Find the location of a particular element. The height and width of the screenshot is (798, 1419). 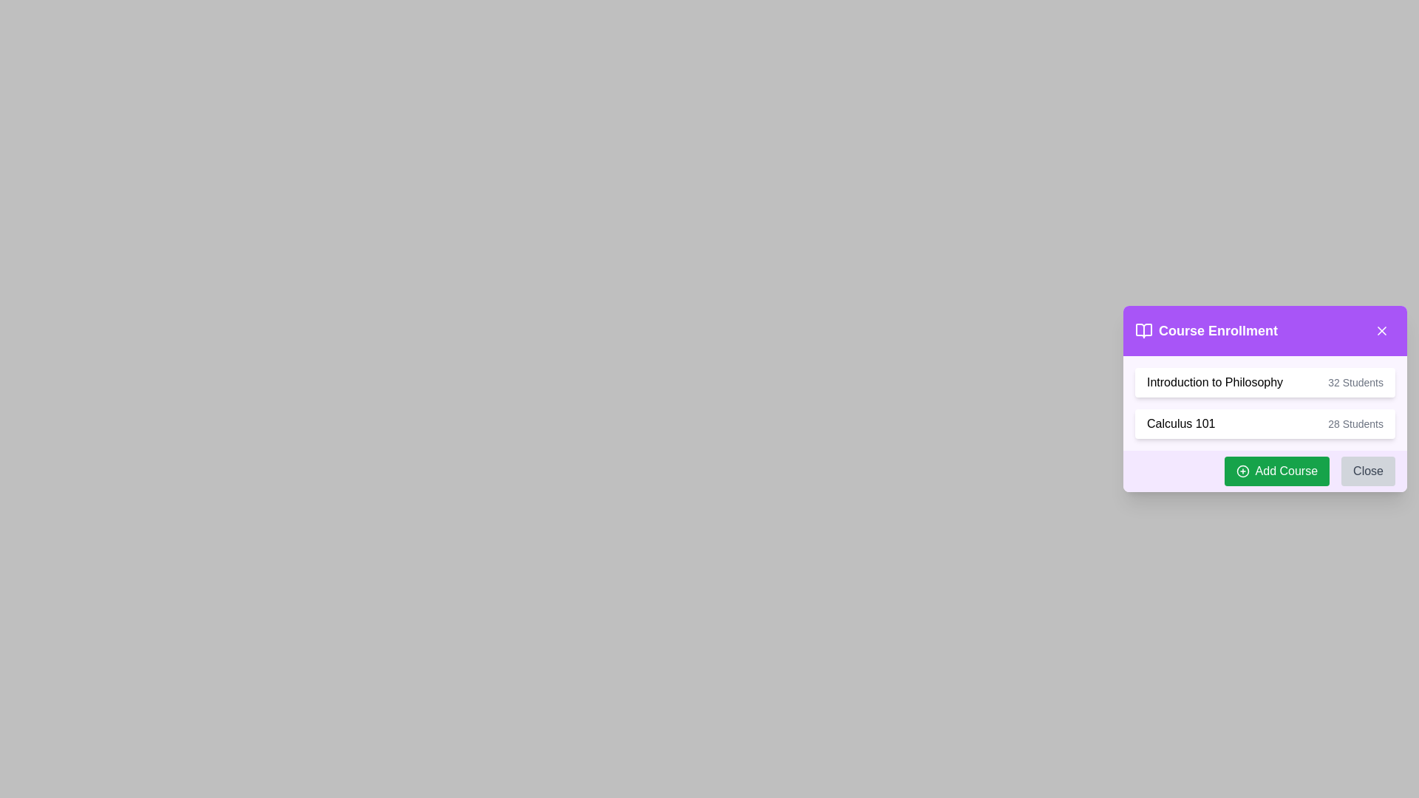

the small circular plus icon with a green background located inside the green 'Add Course' button in the bottom right portion of the pop-up panel is located at coordinates (1242, 471).